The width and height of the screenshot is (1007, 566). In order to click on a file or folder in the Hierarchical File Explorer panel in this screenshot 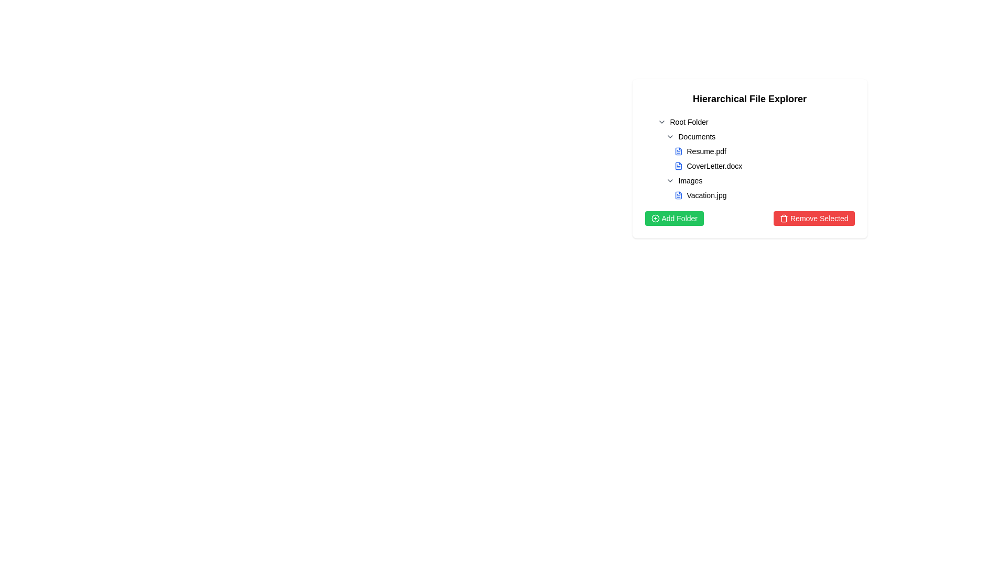, I will do `click(749, 159)`.